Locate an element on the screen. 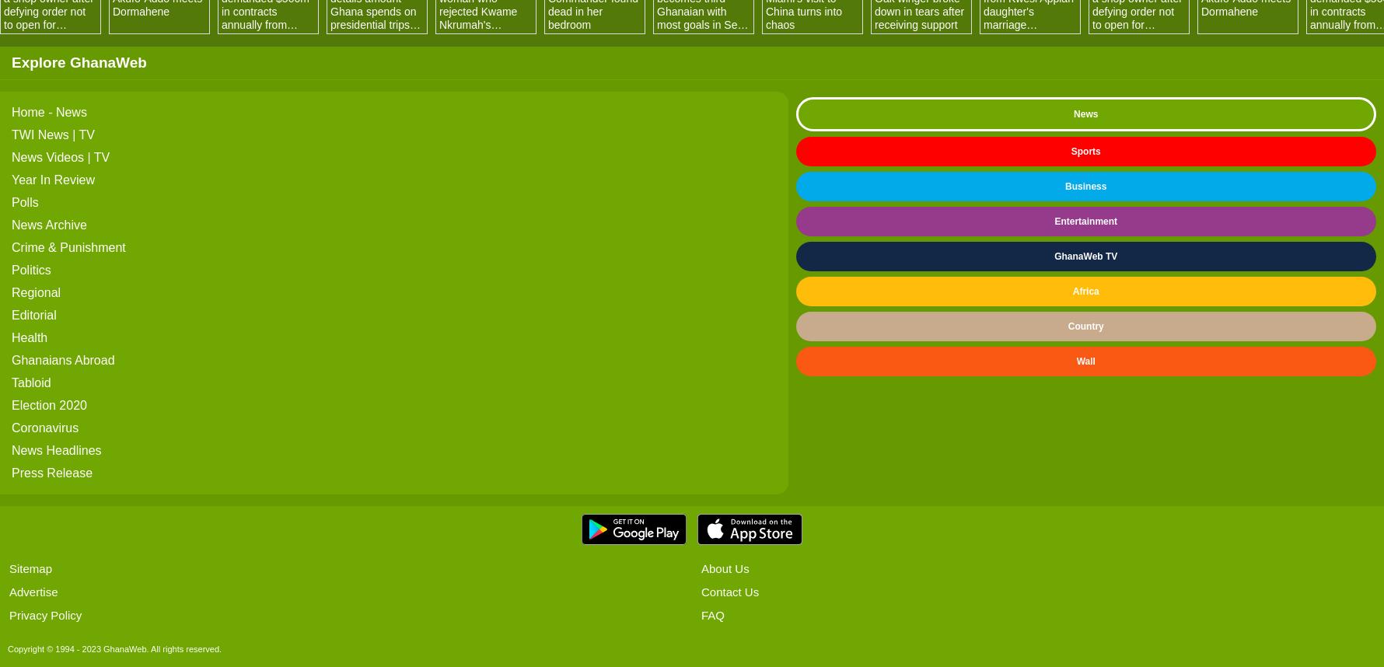 The width and height of the screenshot is (1384, 667). 'Sports' is located at coordinates (1071, 150).